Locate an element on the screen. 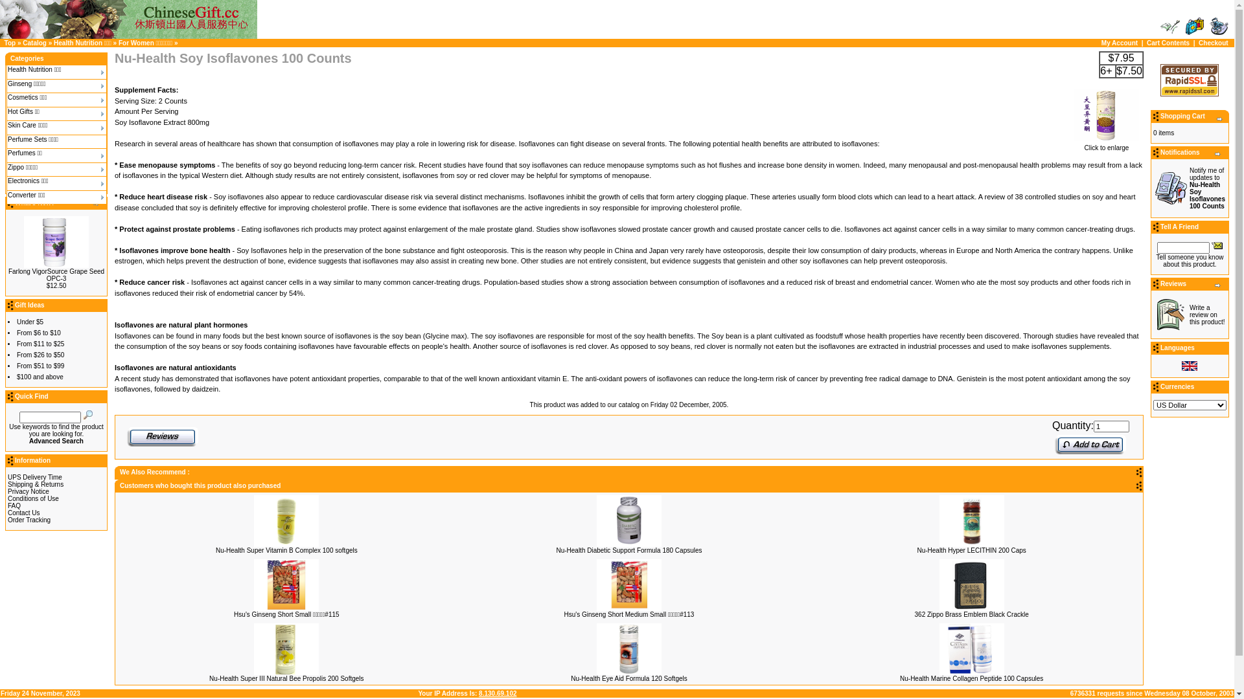 Image resolution: width=1244 pixels, height=699 pixels. ' Add to Cart ' is located at coordinates (1090, 443).